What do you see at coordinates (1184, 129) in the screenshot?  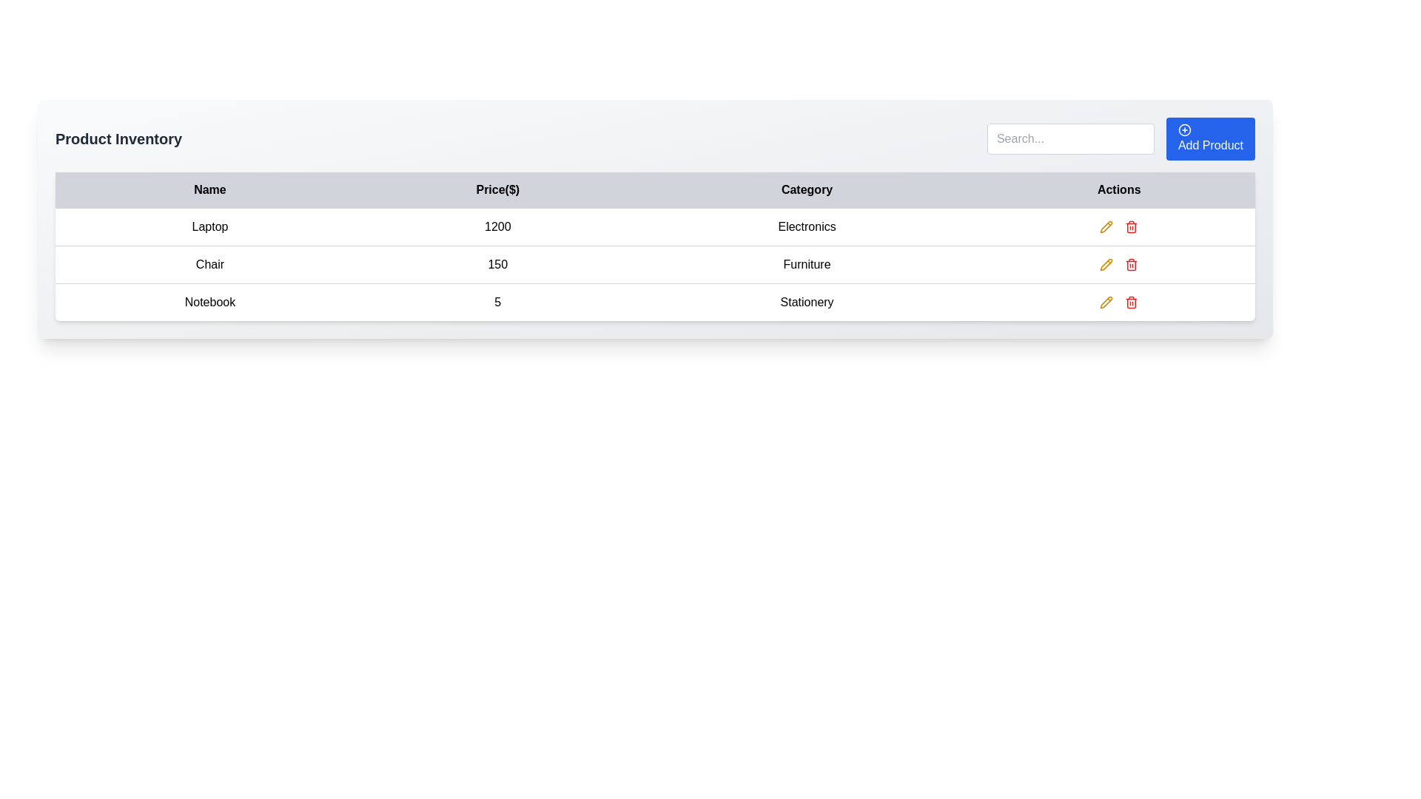 I see `the circular '+' icon outlined with a thin line, located to the left of the blue 'Add Product' button near the top-right corner of the interface` at bounding box center [1184, 129].